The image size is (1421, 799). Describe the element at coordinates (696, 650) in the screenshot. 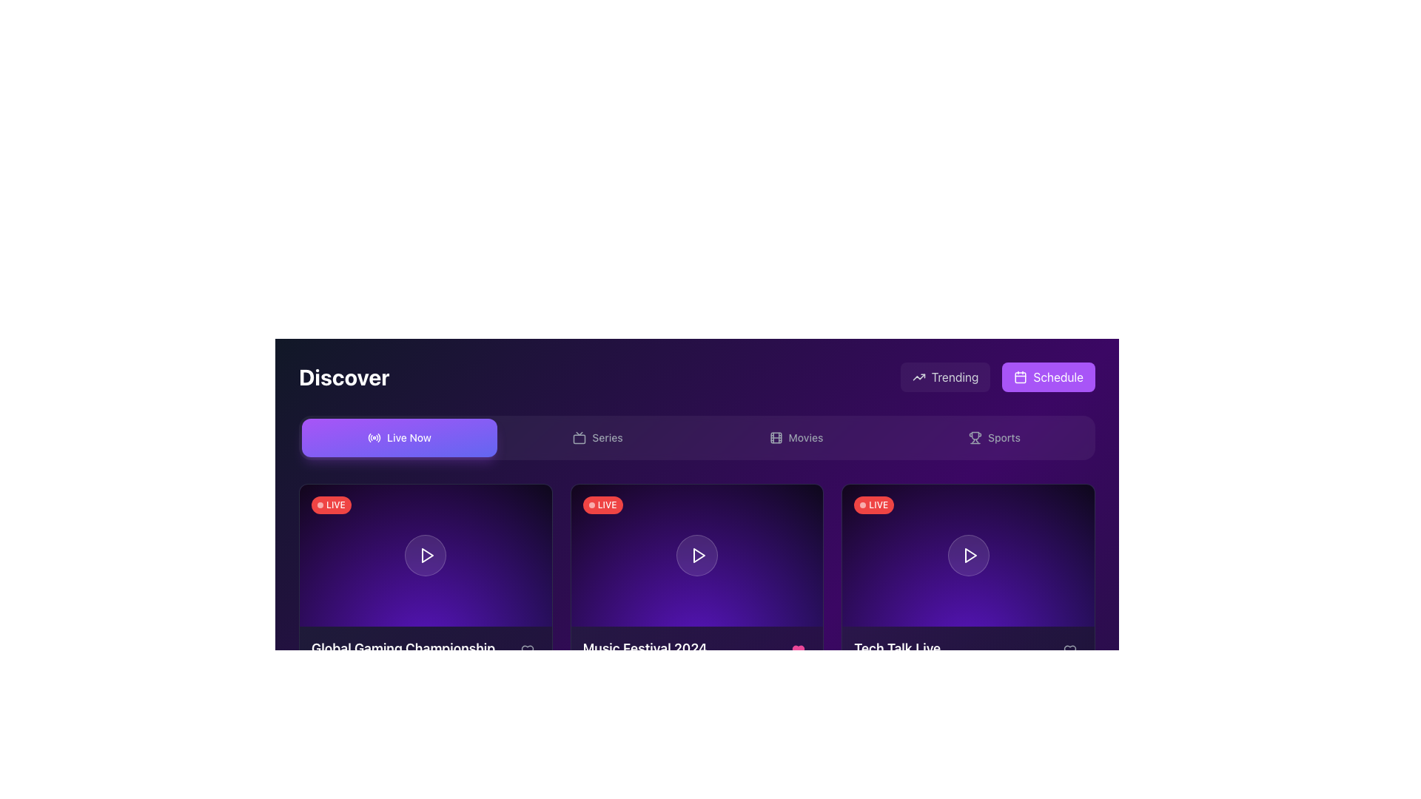

I see `the label titled 'Music Festival 2024', which is located near the bottom center of a purple card in the second column, positioned above an interactive icon` at that location.